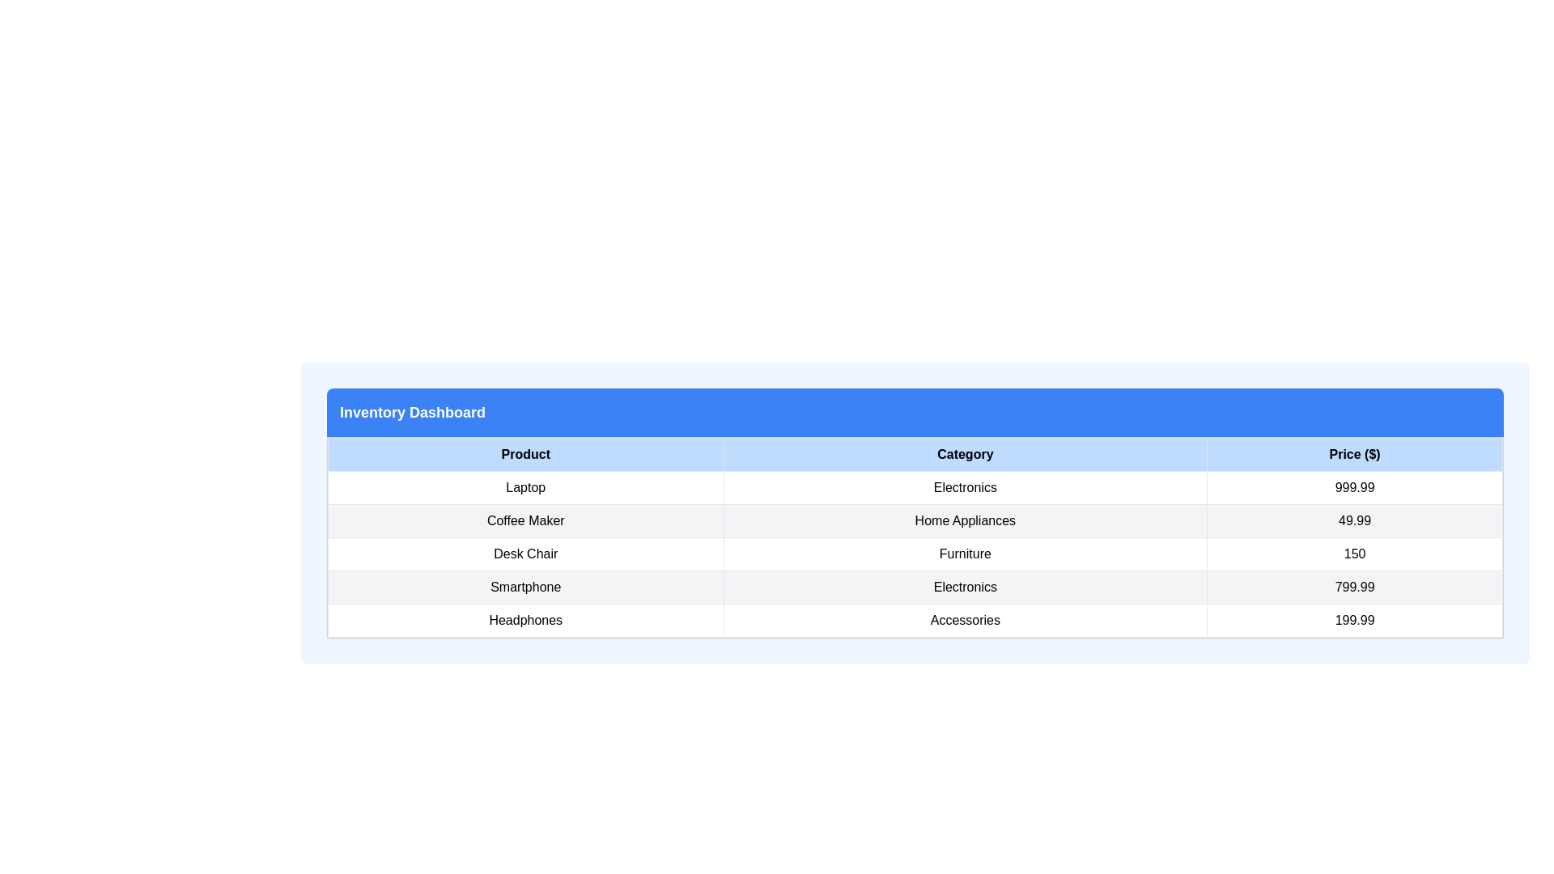 Image resolution: width=1554 pixels, height=874 pixels. I want to click on text content of the 'Smartphone' label, which is a bold text label in the fourth row of the 'Product' column in the Inventory Dashboard, so click(525, 587).